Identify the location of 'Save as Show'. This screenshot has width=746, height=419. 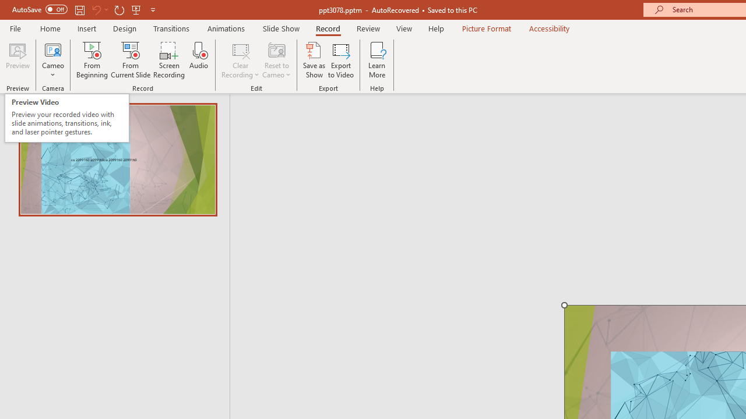
(314, 60).